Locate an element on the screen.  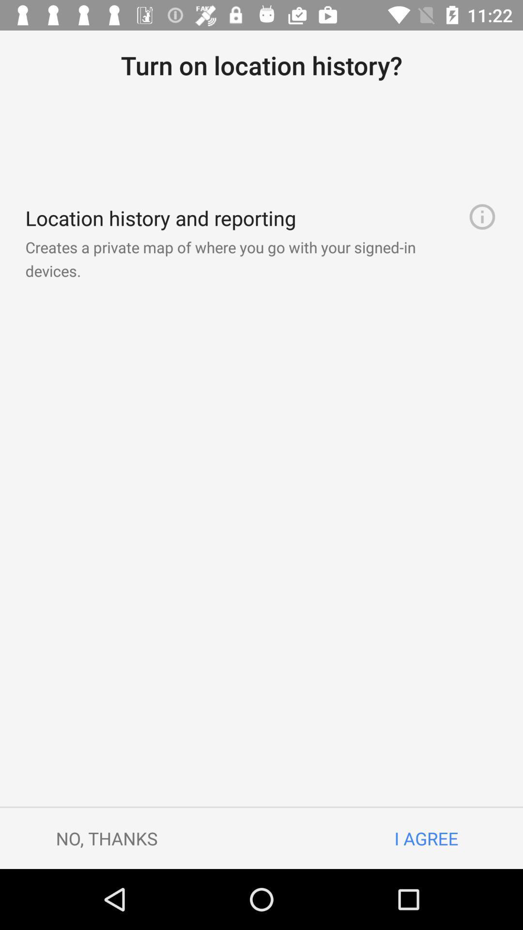
the info icon is located at coordinates (482, 216).